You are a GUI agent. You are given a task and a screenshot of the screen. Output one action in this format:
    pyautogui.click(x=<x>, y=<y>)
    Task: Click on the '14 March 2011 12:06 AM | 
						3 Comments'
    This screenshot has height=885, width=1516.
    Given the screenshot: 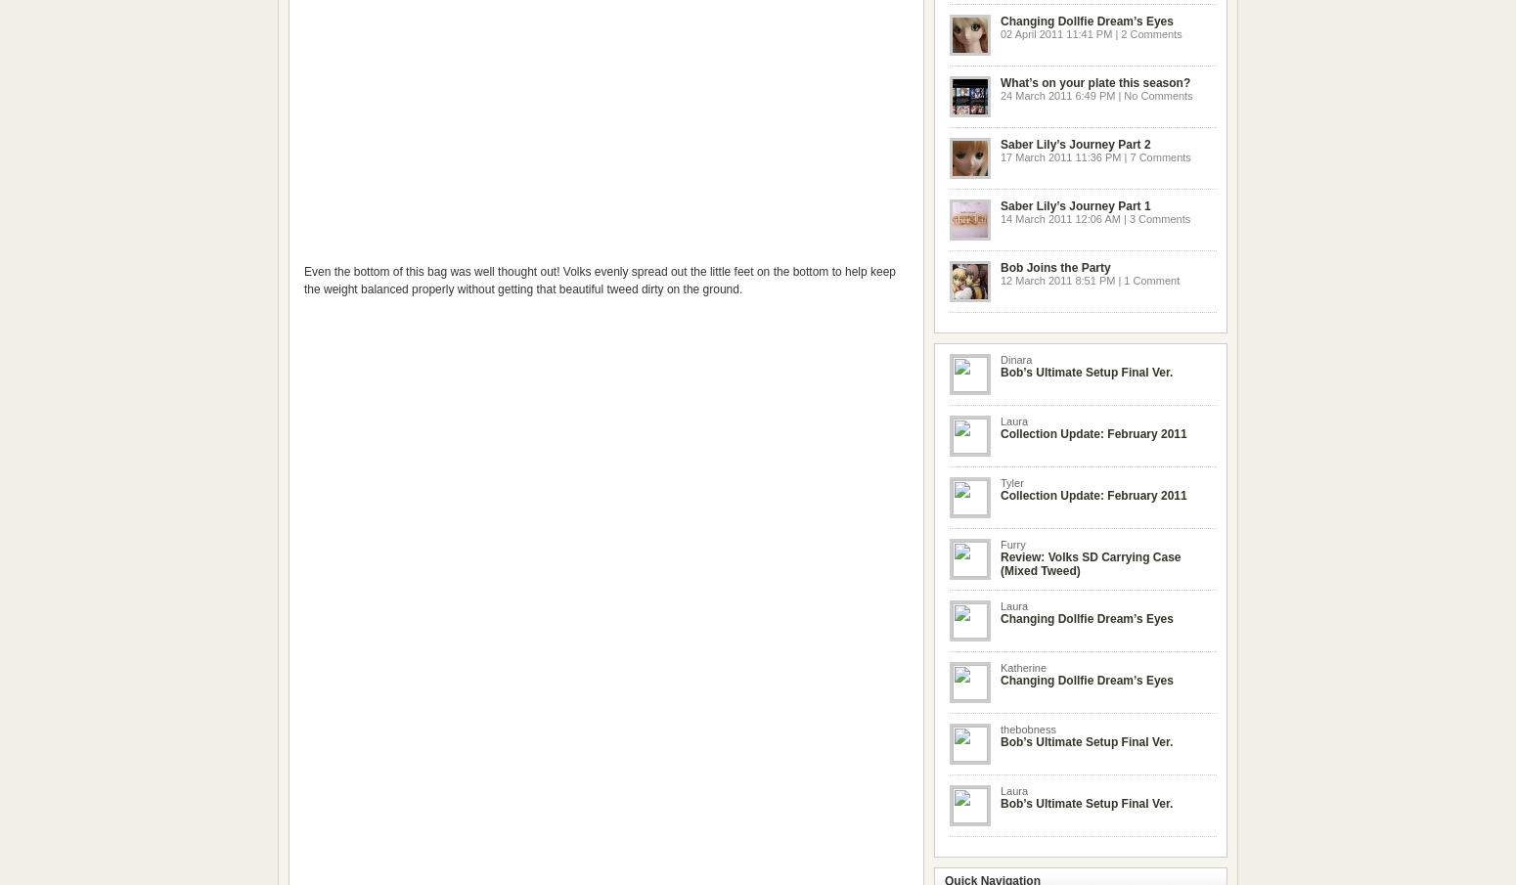 What is the action you would take?
    pyautogui.click(x=1001, y=217)
    